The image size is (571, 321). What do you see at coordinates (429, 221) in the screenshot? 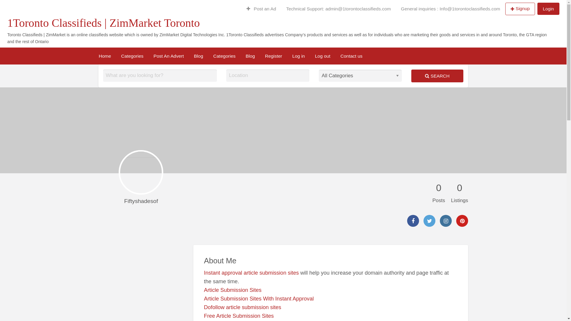
I see `'Twitter'` at bounding box center [429, 221].